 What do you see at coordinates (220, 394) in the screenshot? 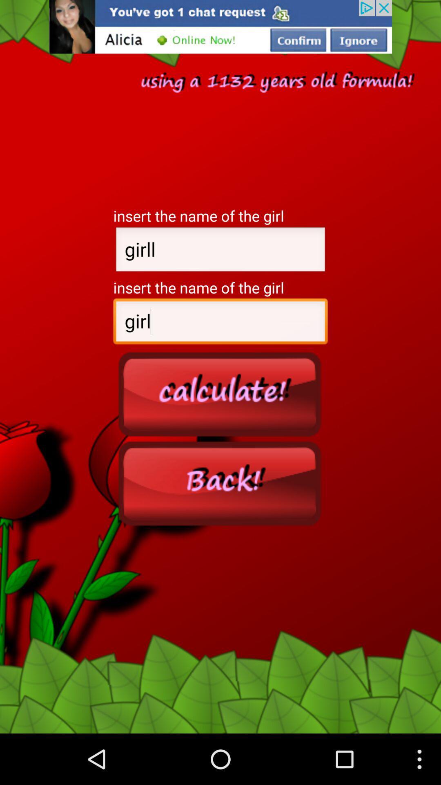
I see `calculate` at bounding box center [220, 394].